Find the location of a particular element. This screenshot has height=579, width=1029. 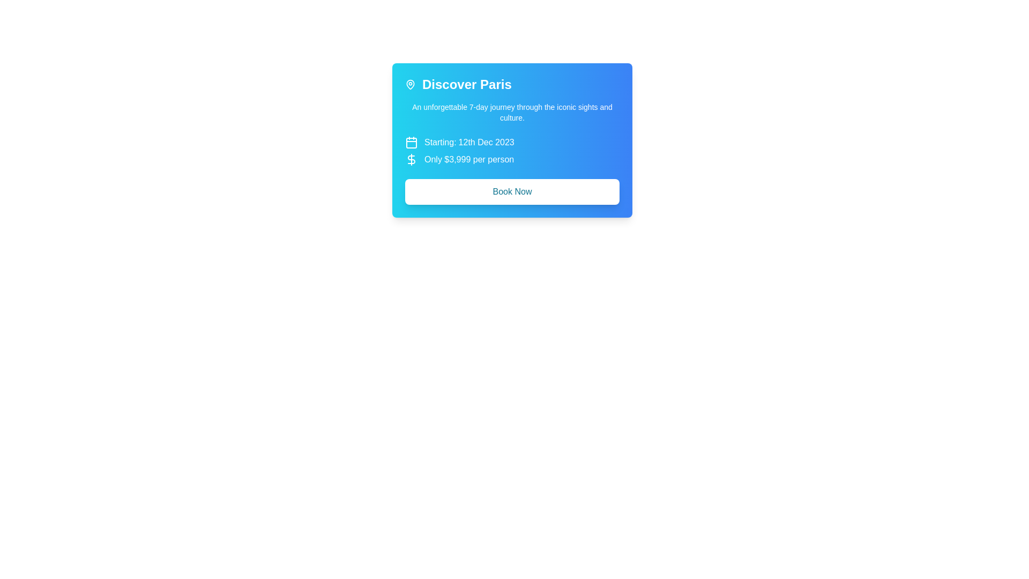

the text section that indicates the starting date of the trip, which is located below the title 'Discover Paris' and above the price information 'Only $3,999 per person' is located at coordinates (511, 142).